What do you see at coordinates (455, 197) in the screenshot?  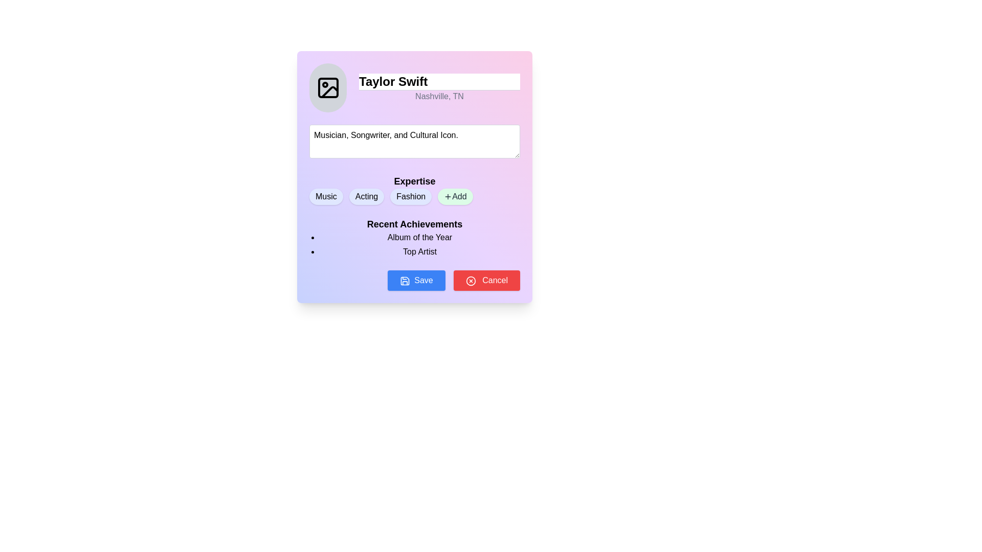 I see `the '+ Add' button with a light green background and dark gray text, located to the right of the tags 'Music', 'Acting', and 'Fashion' in the 'Expertise' section` at bounding box center [455, 197].